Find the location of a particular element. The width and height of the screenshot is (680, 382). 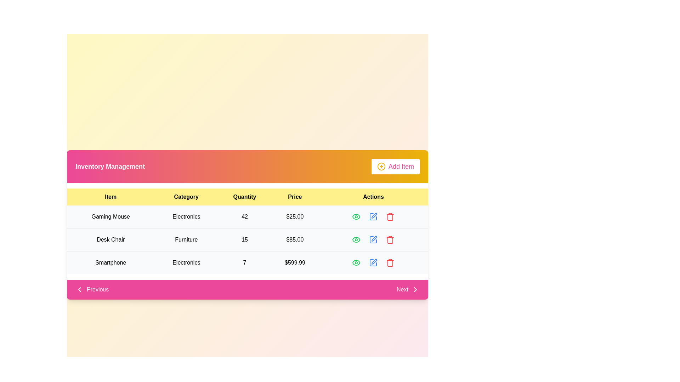

the red trash bin icon button in the 'Actions' column of the first row associated with 'Gaming Mouse' is located at coordinates (390, 216).